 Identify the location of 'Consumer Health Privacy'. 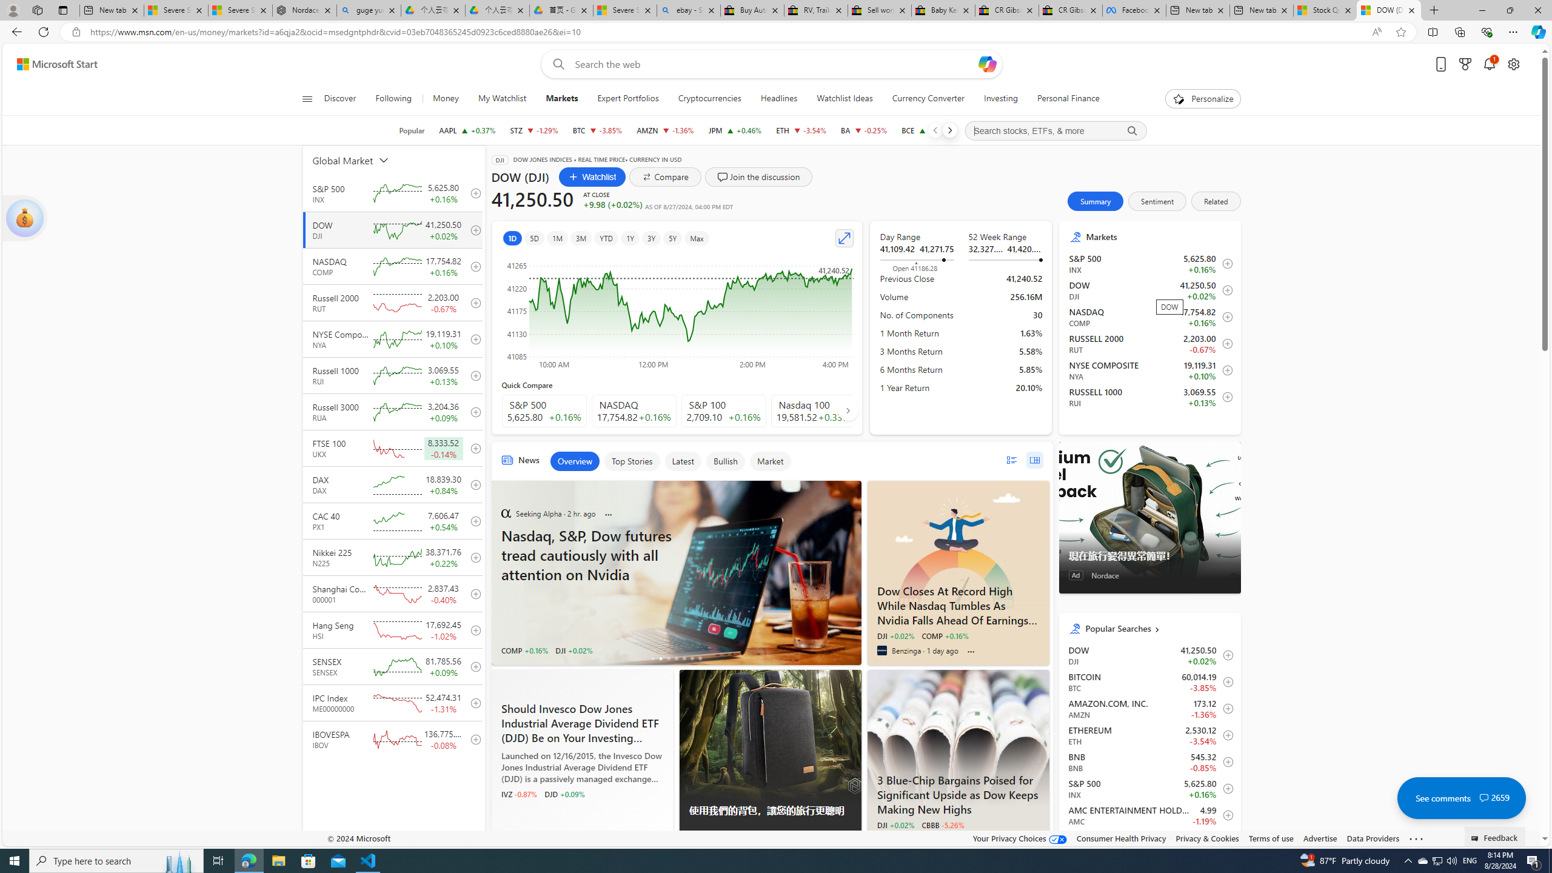
(1120, 838).